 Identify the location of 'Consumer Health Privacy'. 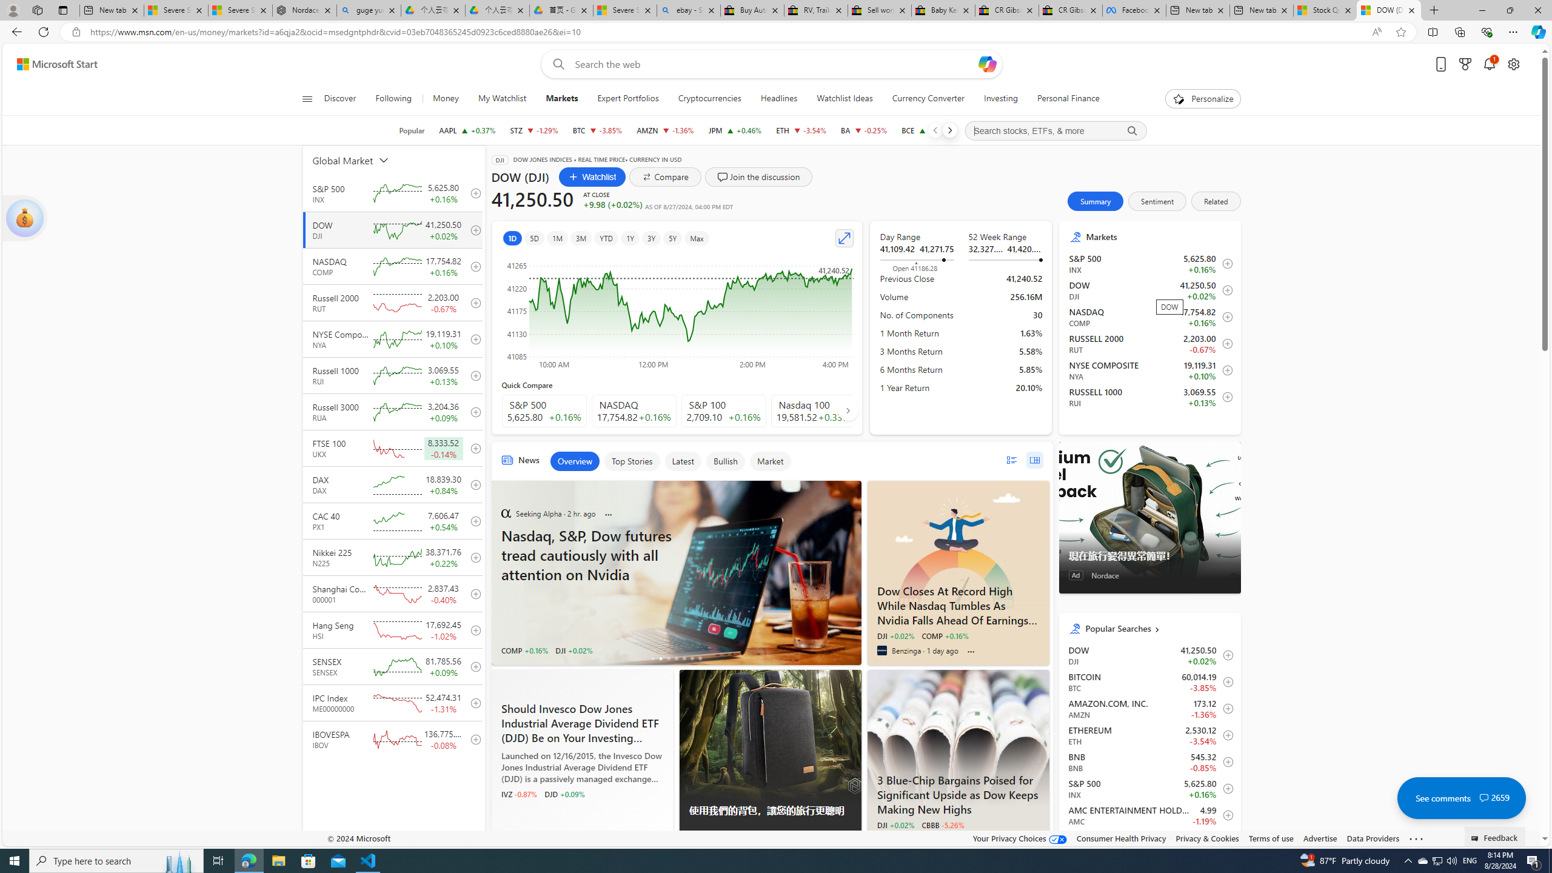
(1120, 838).